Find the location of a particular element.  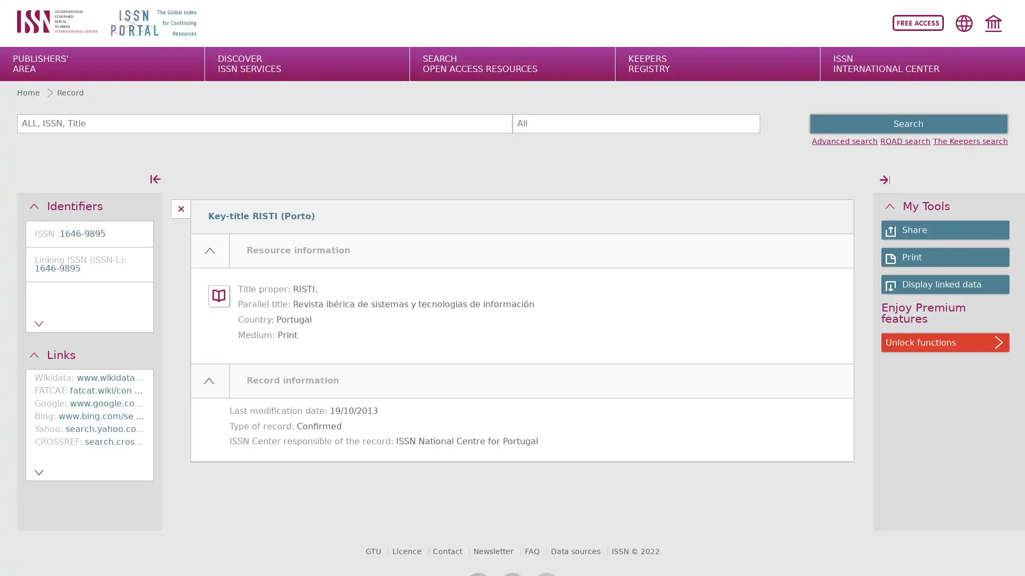

Search is located at coordinates (908, 123).